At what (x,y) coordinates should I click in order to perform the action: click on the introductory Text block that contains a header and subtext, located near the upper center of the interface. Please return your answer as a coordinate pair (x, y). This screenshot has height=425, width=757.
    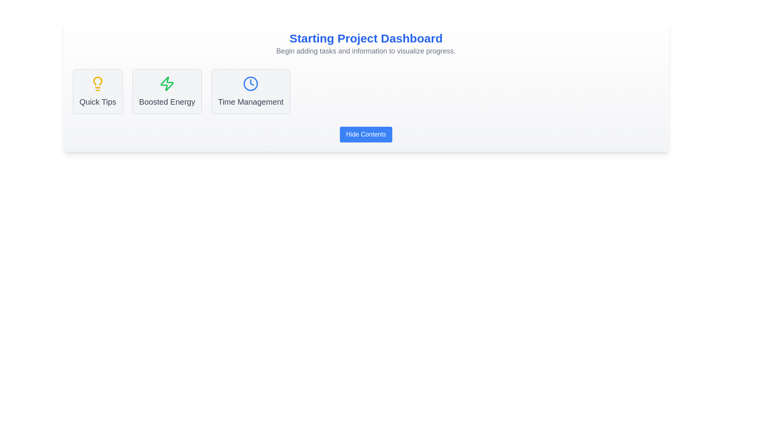
    Looking at the image, I should click on (365, 44).